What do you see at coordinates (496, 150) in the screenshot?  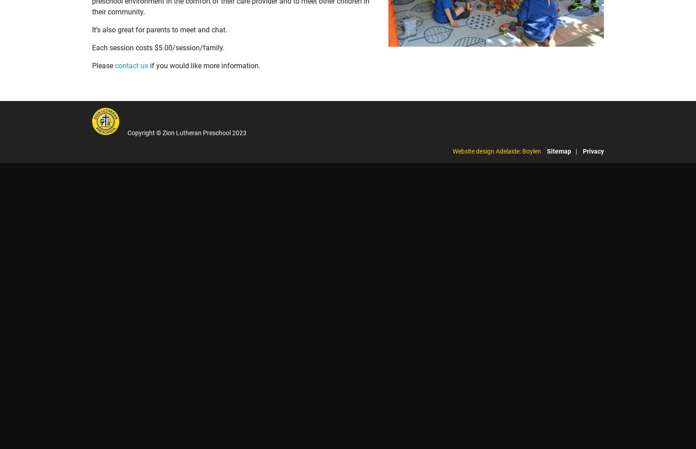 I see `'Website design Adelaide: Boylen'` at bounding box center [496, 150].